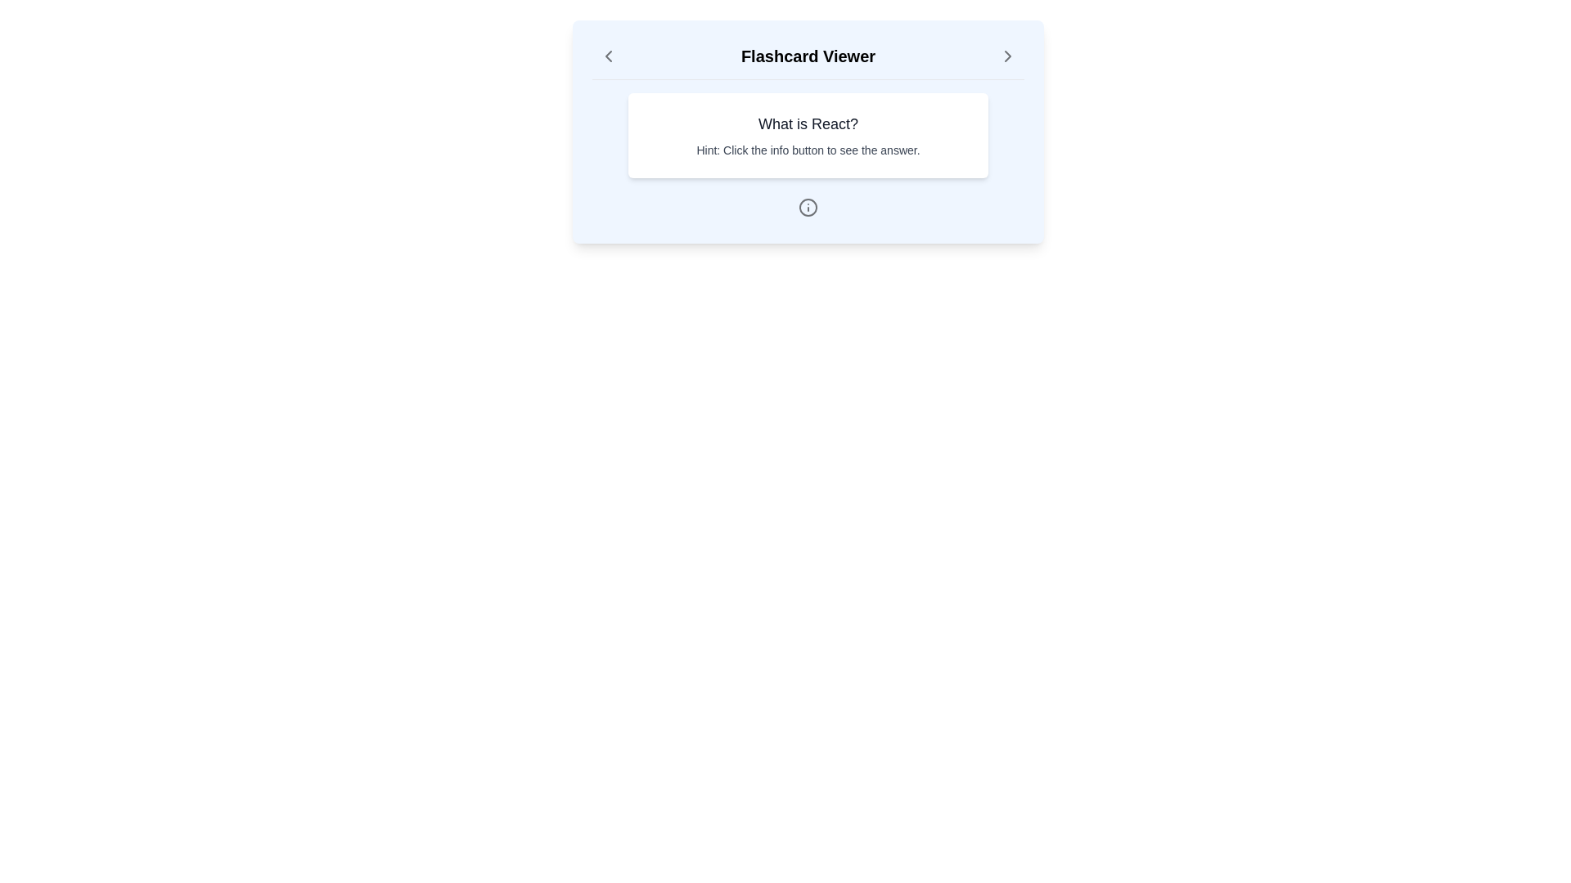 The image size is (1571, 883). What do you see at coordinates (1007, 56) in the screenshot?
I see `the navigational control icon located in the top-right corner of the Flashcard Viewer interface to trigger the interaction effect` at bounding box center [1007, 56].